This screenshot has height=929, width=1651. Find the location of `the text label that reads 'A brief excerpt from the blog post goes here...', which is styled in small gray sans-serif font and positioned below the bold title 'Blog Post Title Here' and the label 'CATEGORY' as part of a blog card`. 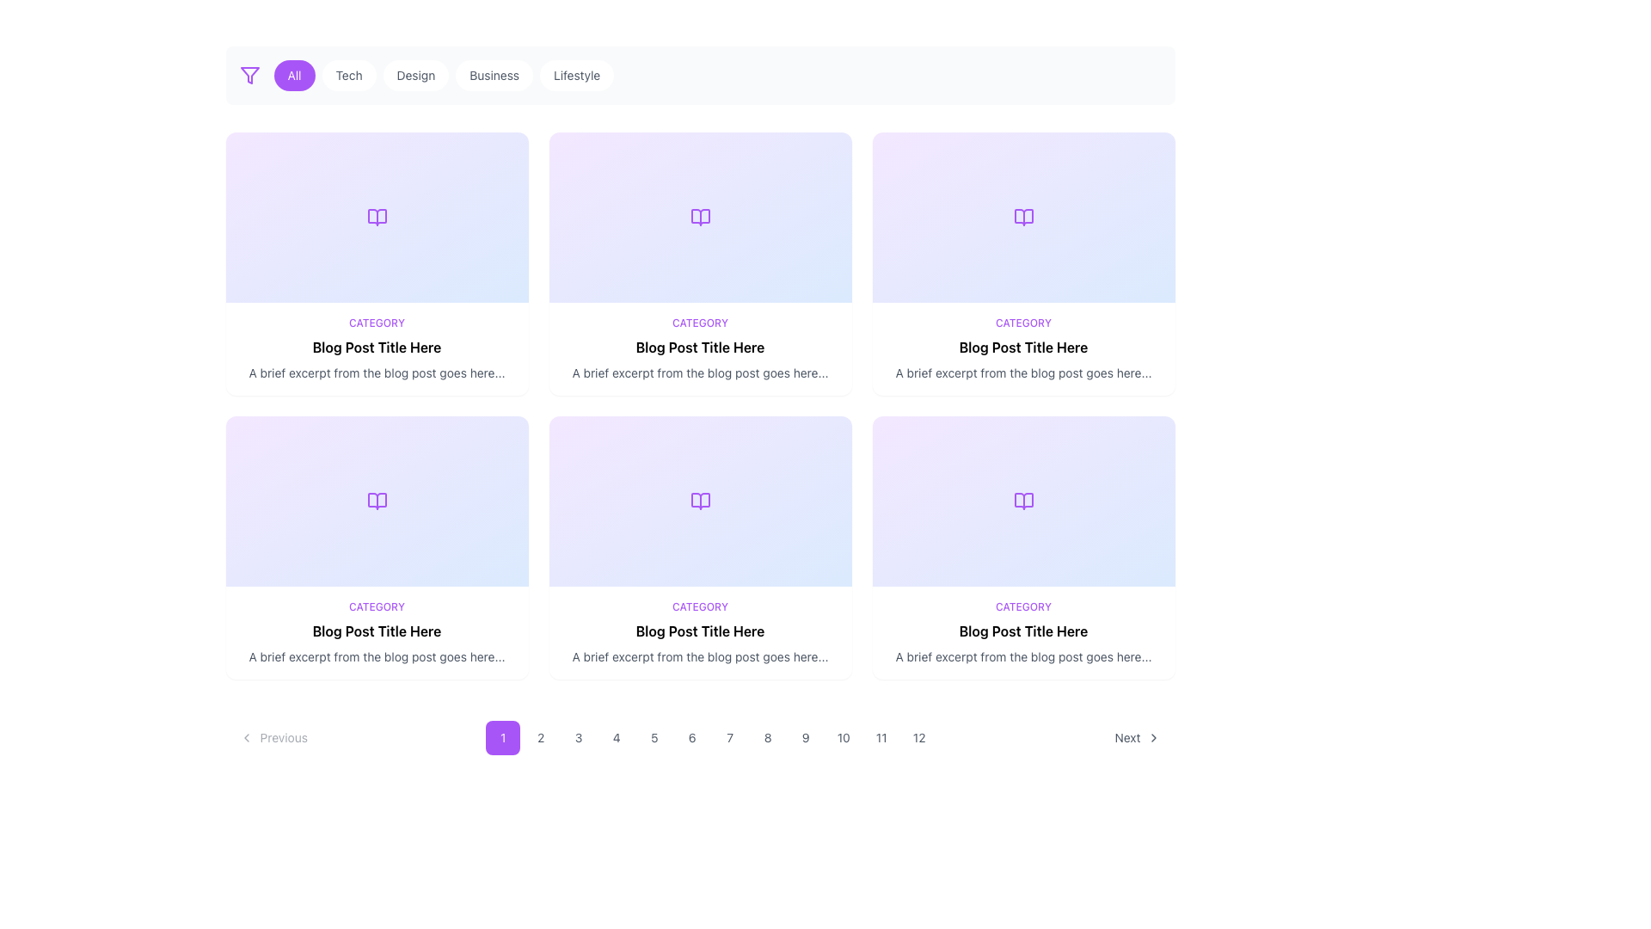

the text label that reads 'A brief excerpt from the blog post goes here...', which is styled in small gray sans-serif font and positioned below the bold title 'Blog Post Title Here' and the label 'CATEGORY' as part of a blog card is located at coordinates (376, 656).